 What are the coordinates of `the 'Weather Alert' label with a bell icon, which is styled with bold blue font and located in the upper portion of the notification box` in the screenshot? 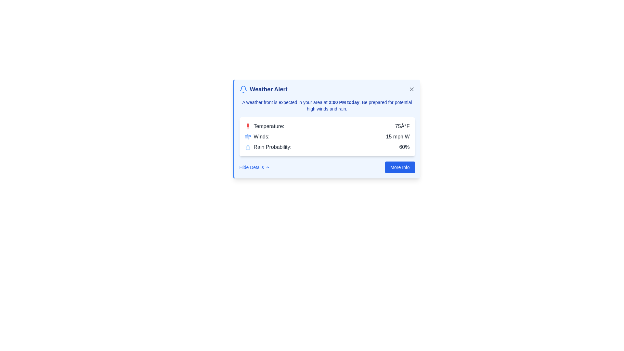 It's located at (263, 89).